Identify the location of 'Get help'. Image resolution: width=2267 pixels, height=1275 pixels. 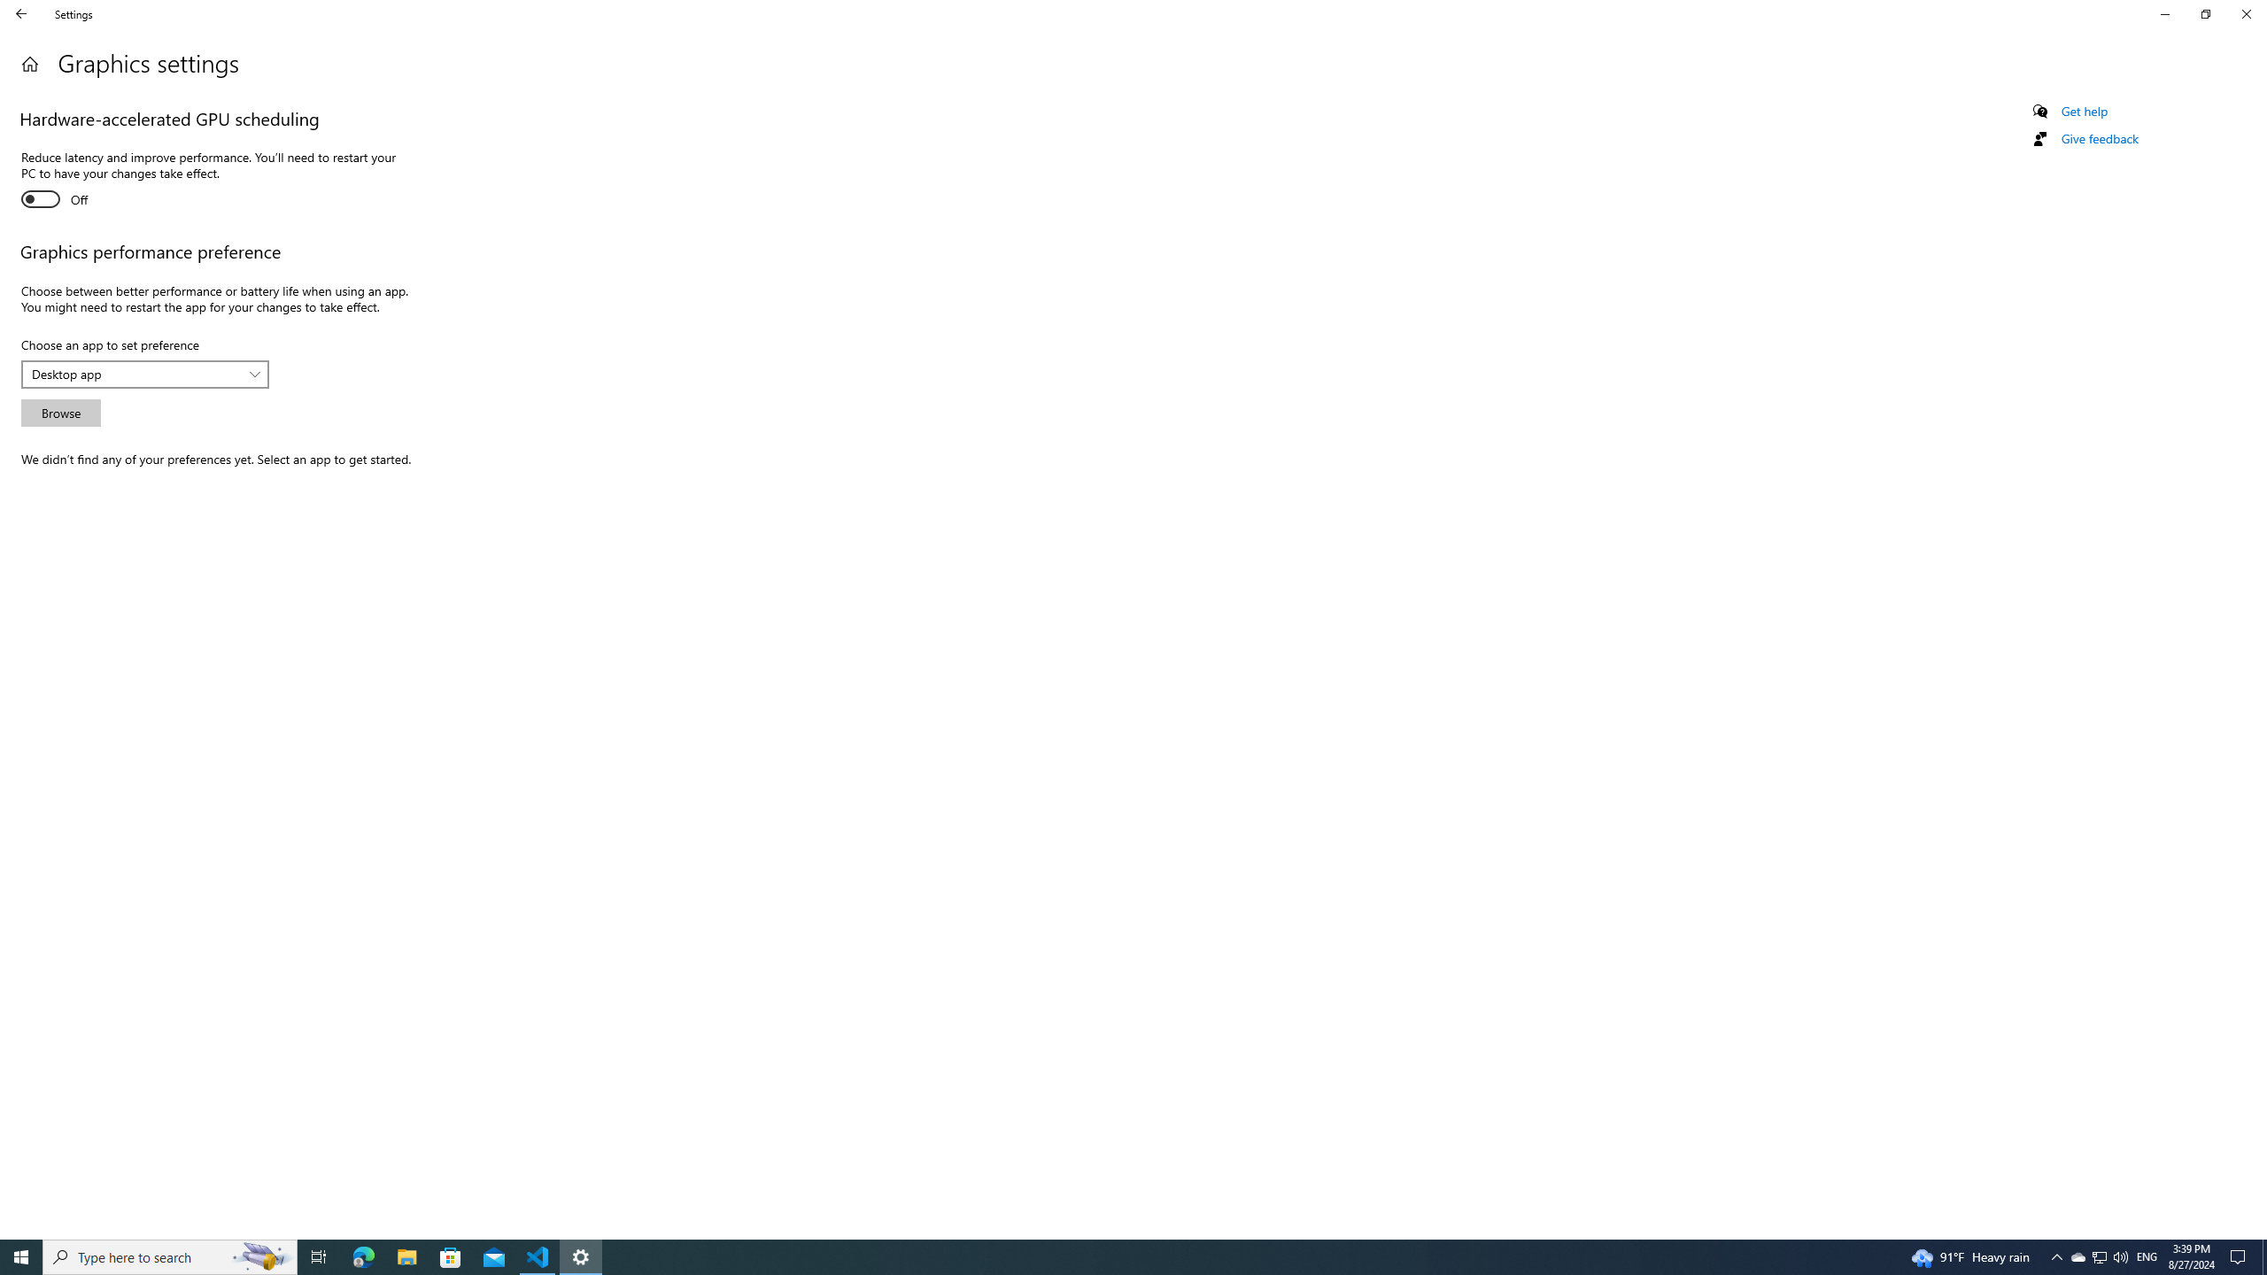
(2083, 111).